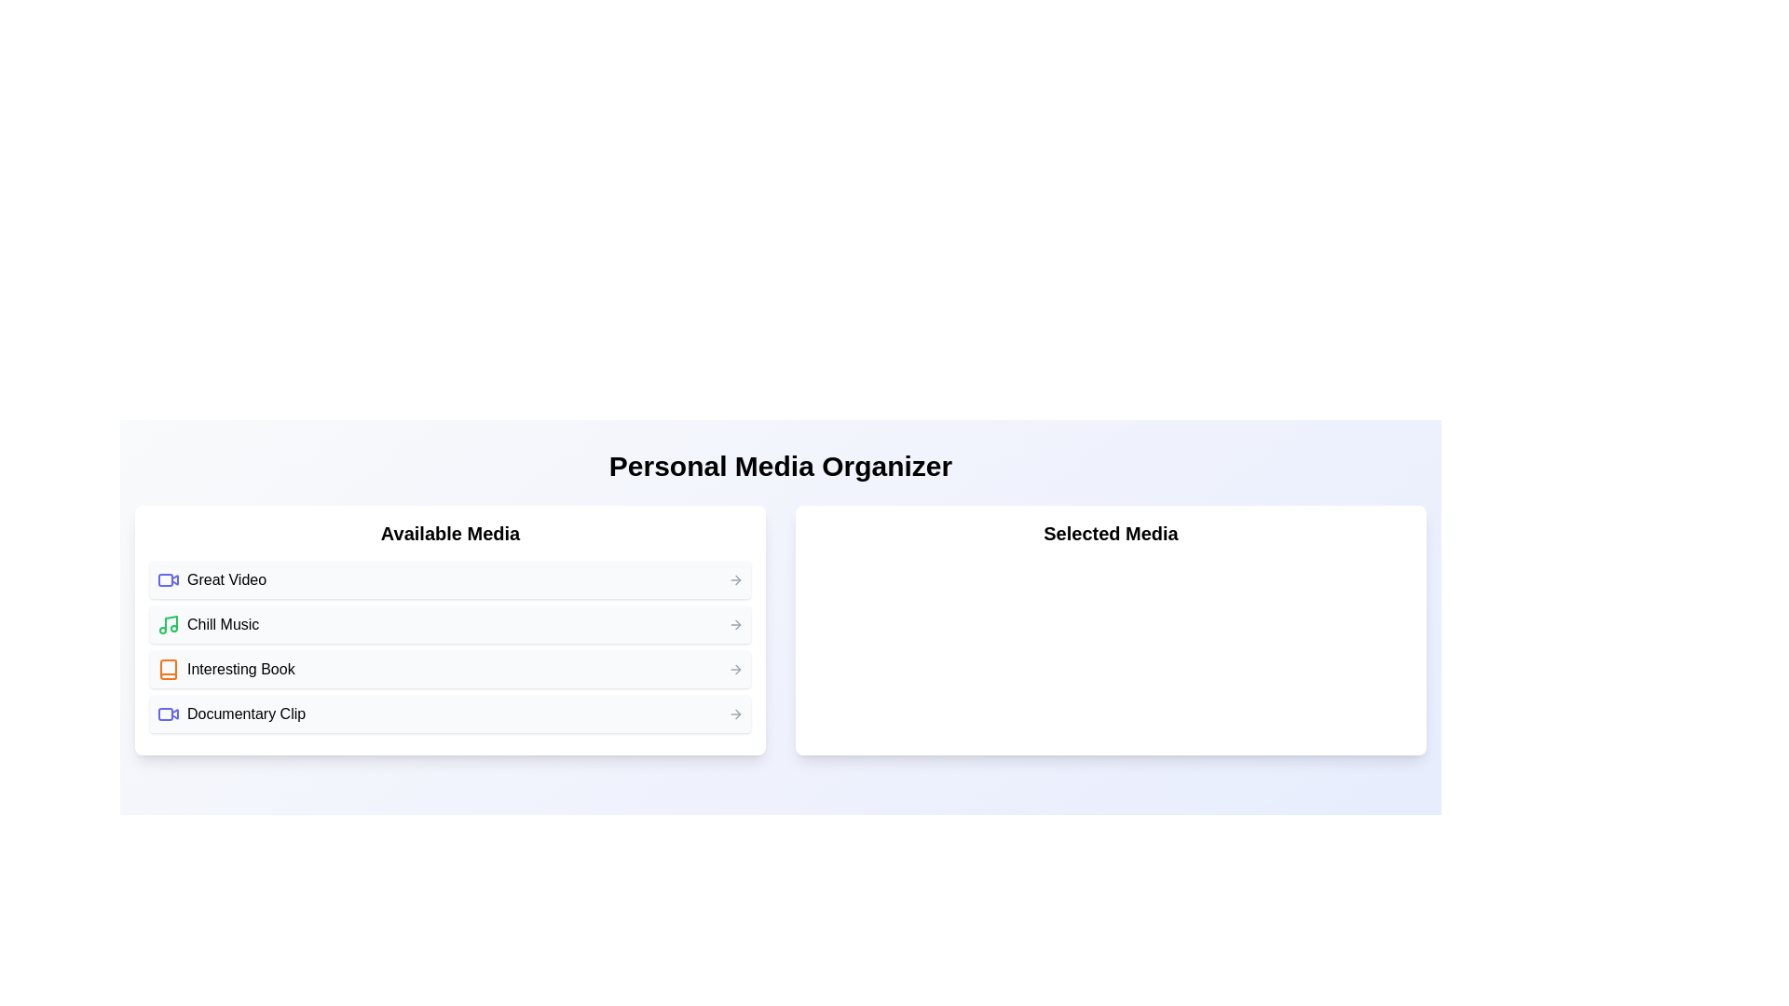 The width and height of the screenshot is (1789, 1006). Describe the element at coordinates (230, 714) in the screenshot. I see `the 'Documentary Clip' media item label that features an indigo video camera icon and black sans-serif text, located below 'Interesting Book' in the 'Available Media' list` at that location.